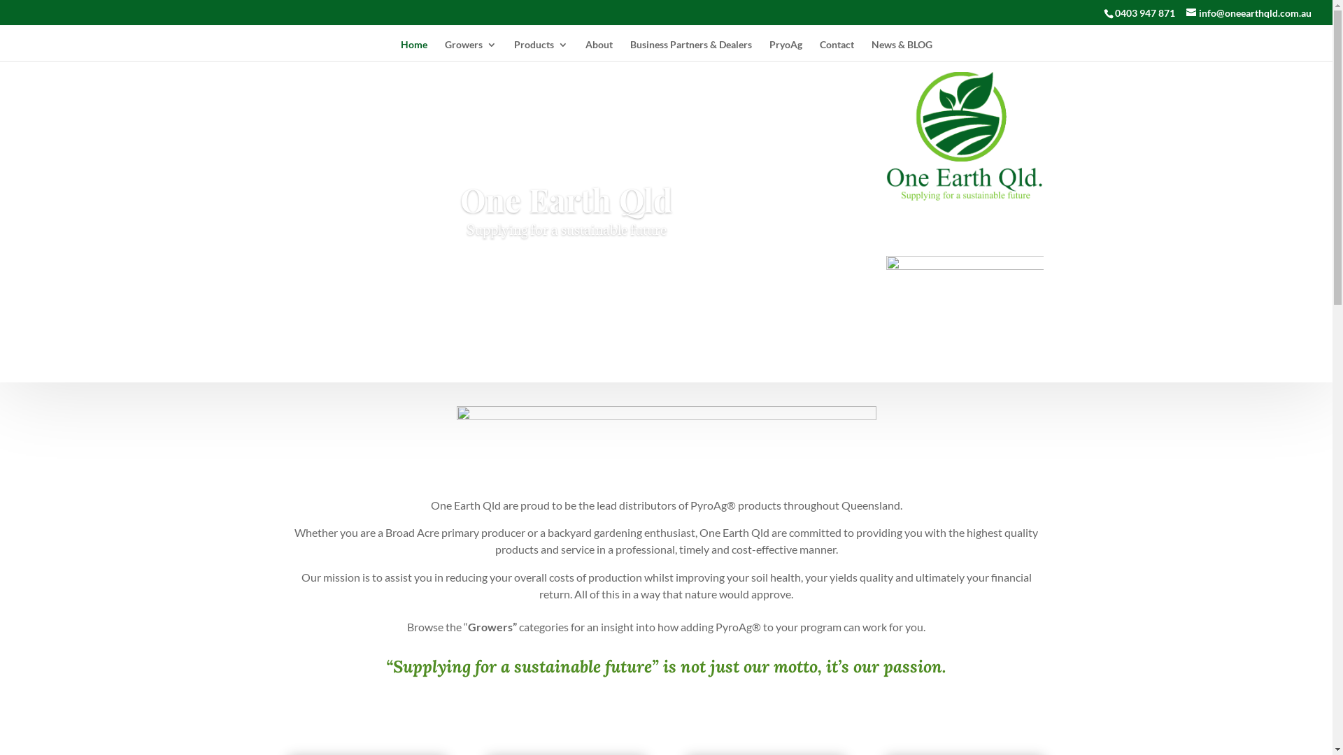 This screenshot has height=755, width=1343. What do you see at coordinates (1249, 13) in the screenshot?
I see `'info@oneearthqld.com.au'` at bounding box center [1249, 13].